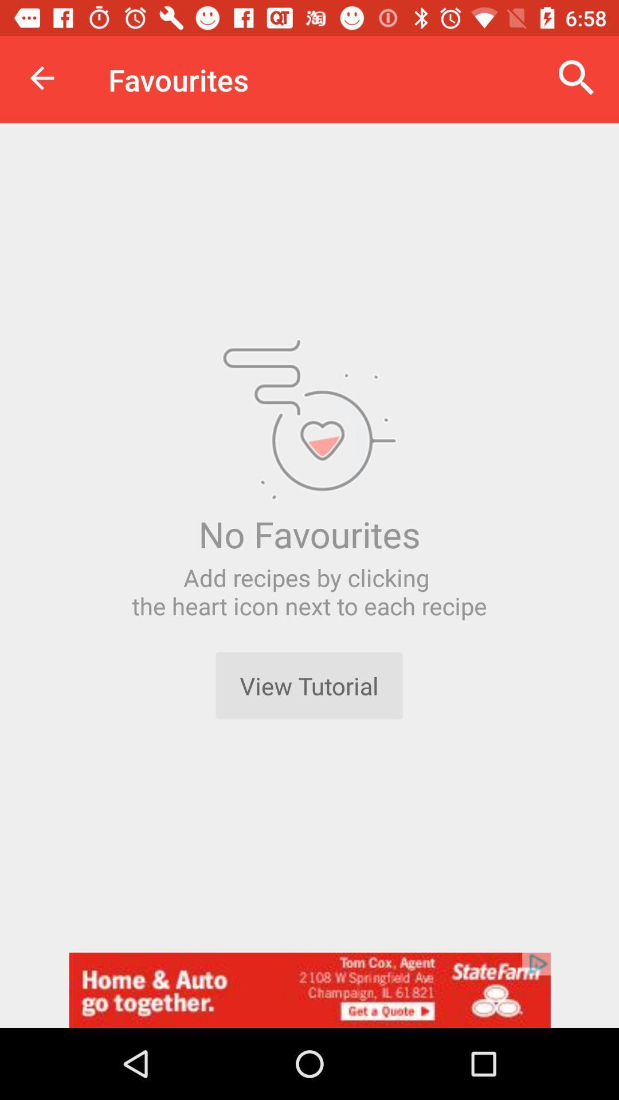 This screenshot has width=619, height=1100. What do you see at coordinates (309, 989) in the screenshot?
I see `in app advertisement space` at bounding box center [309, 989].